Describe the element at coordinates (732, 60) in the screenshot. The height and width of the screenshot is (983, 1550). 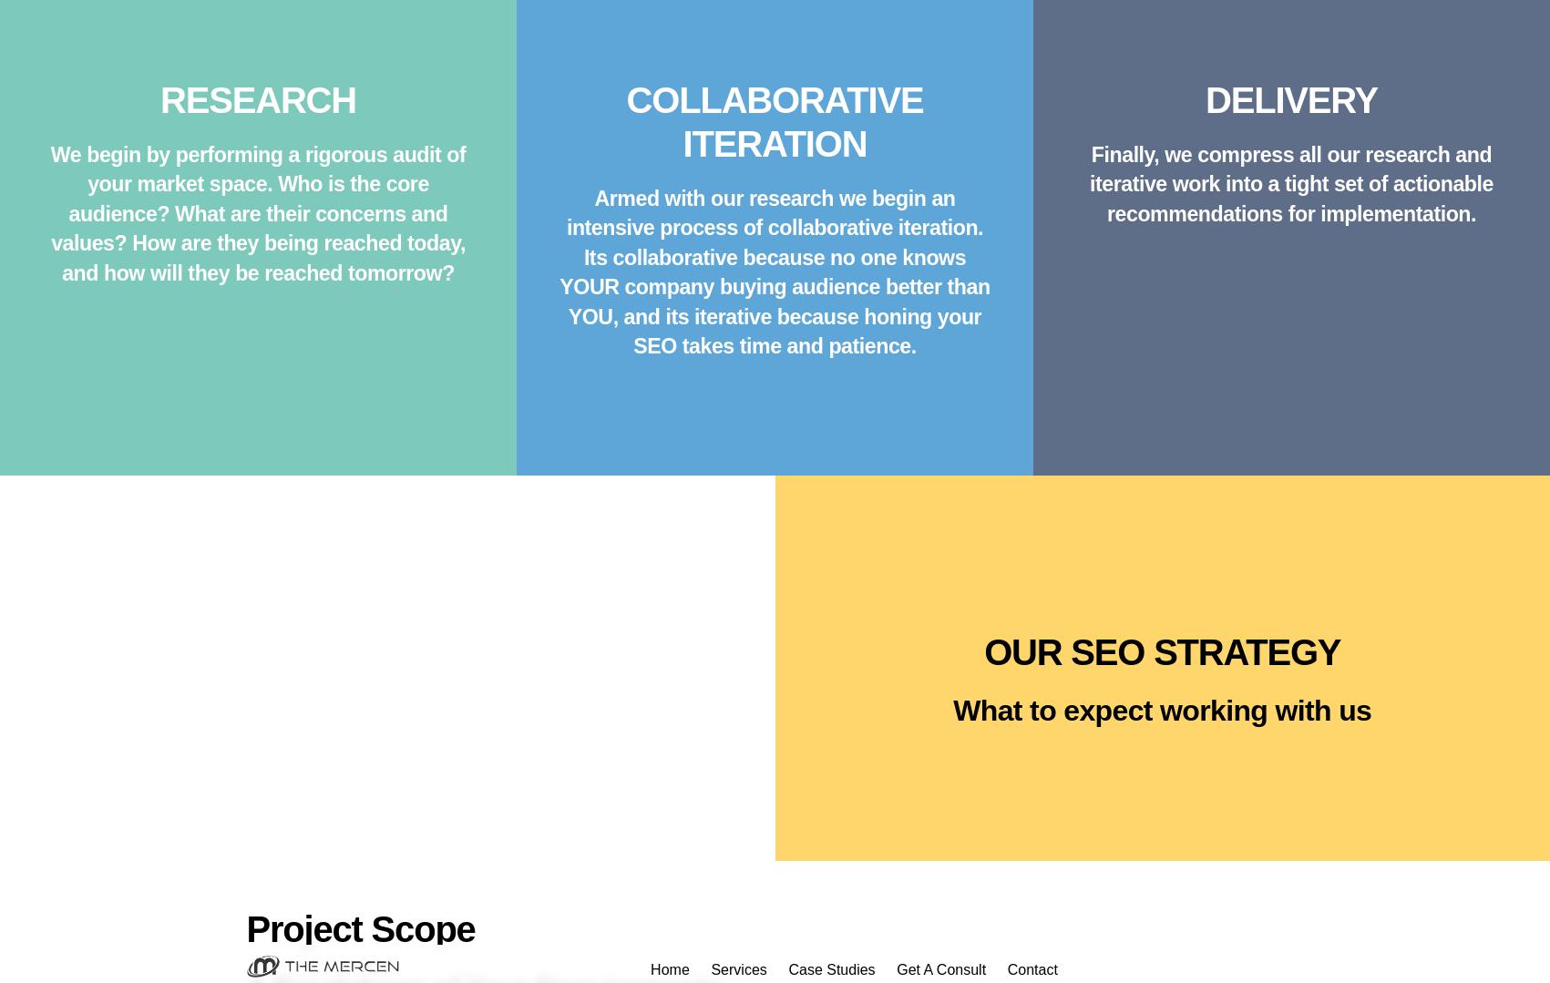
I see `'“Our monthly revenue went up by'` at that location.